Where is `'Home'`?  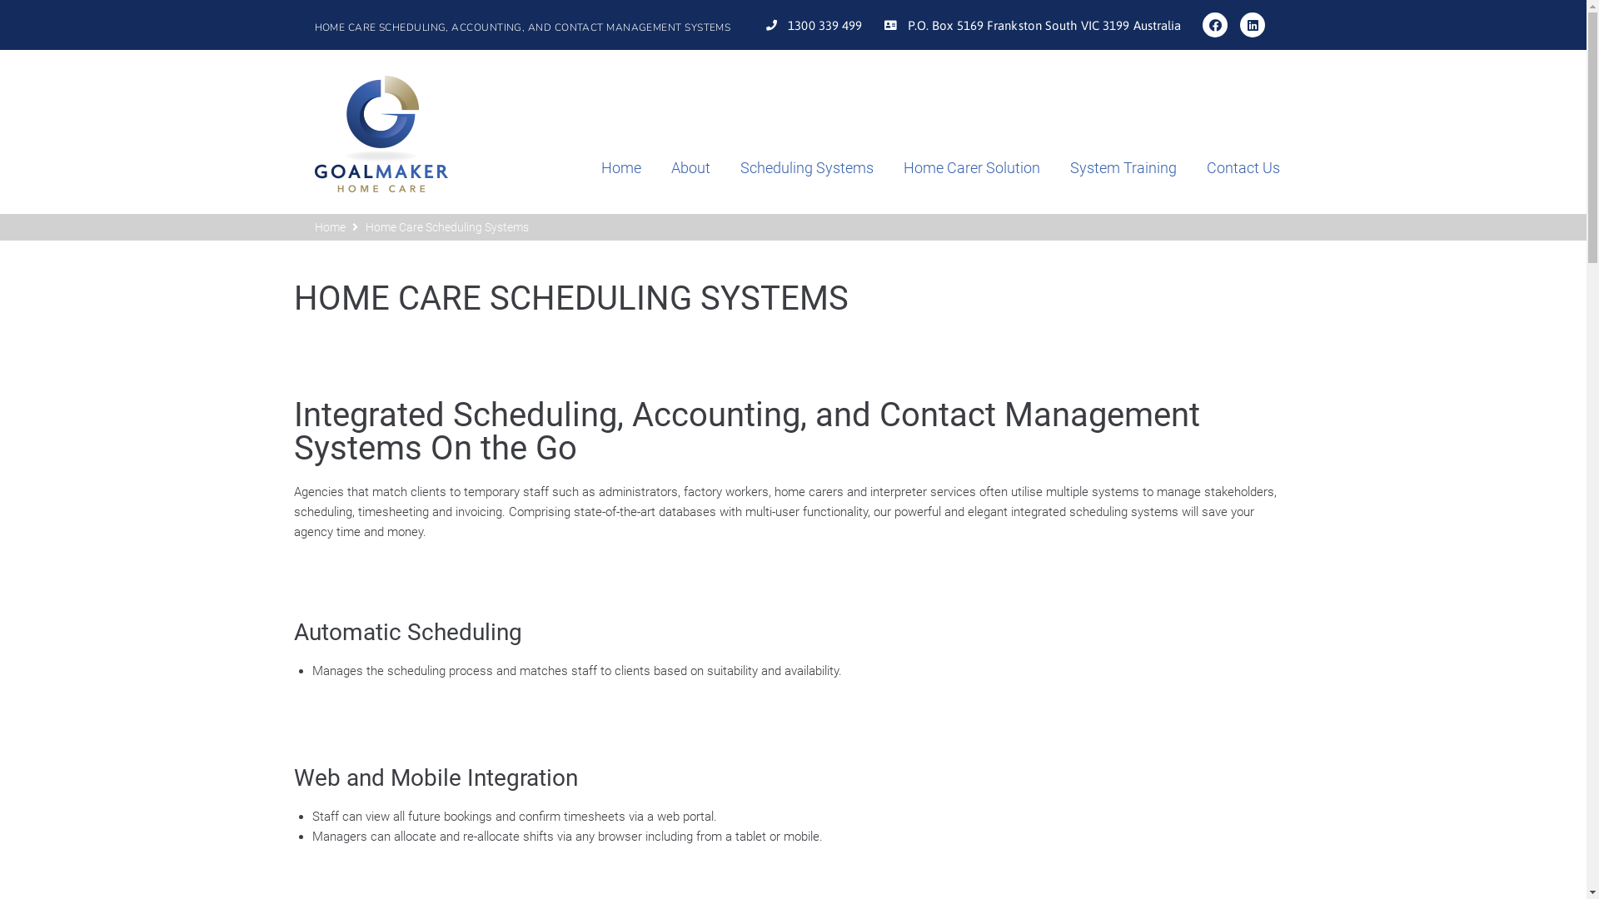
'Home' is located at coordinates (605, 168).